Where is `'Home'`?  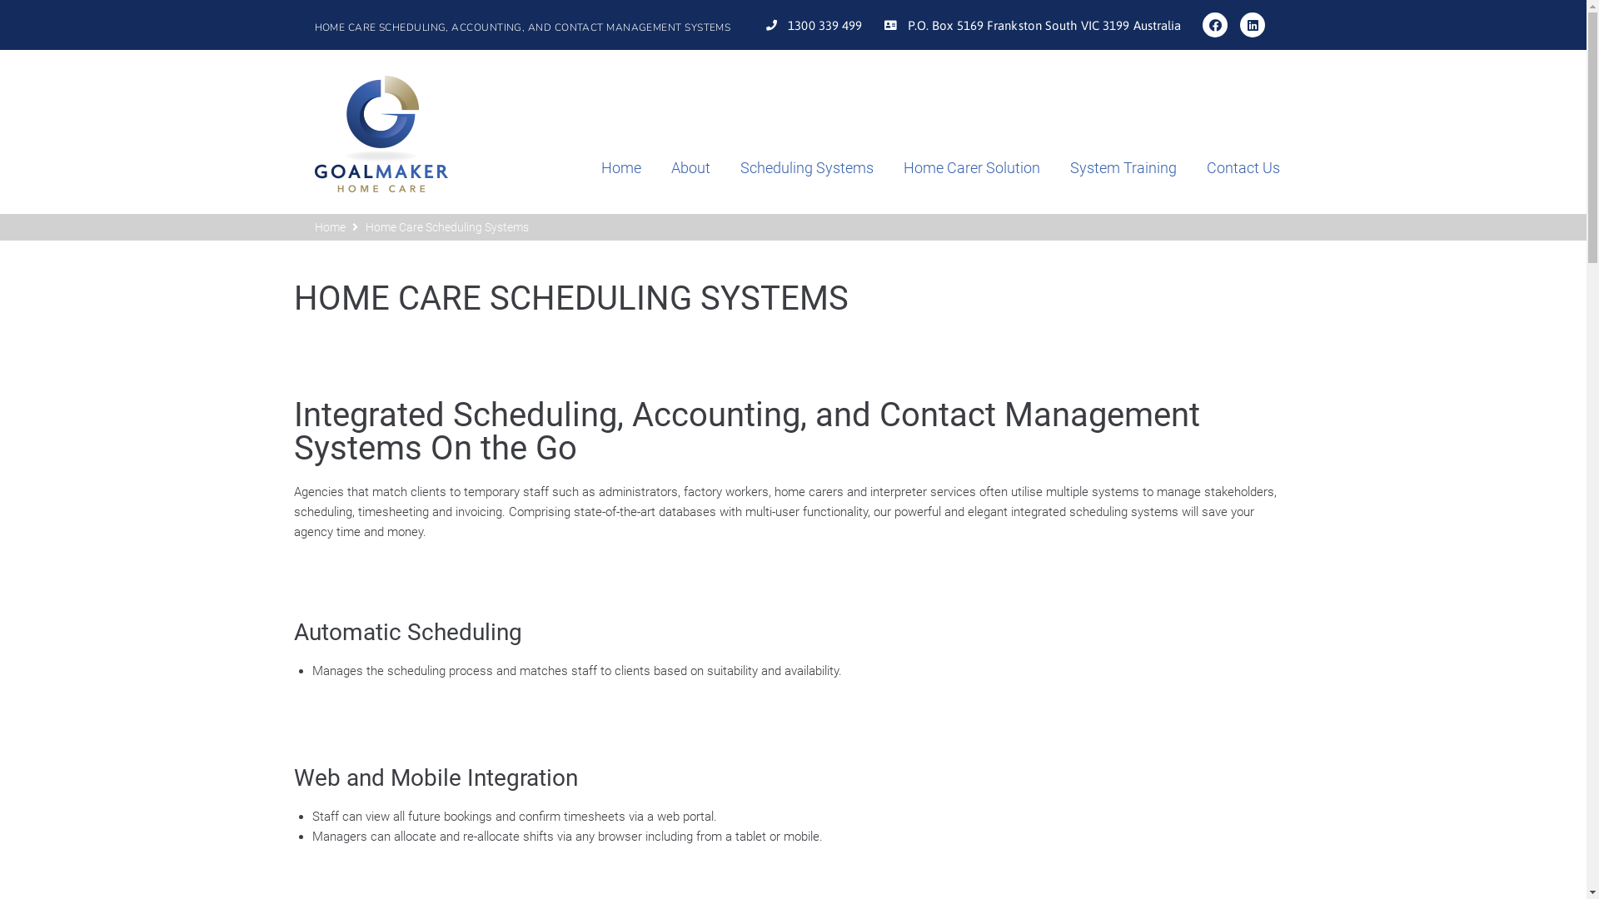
'Home' is located at coordinates (605, 168).